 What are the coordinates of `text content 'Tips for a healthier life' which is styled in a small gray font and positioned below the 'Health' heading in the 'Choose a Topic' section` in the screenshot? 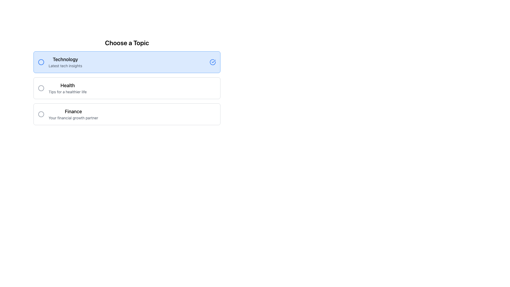 It's located at (67, 92).